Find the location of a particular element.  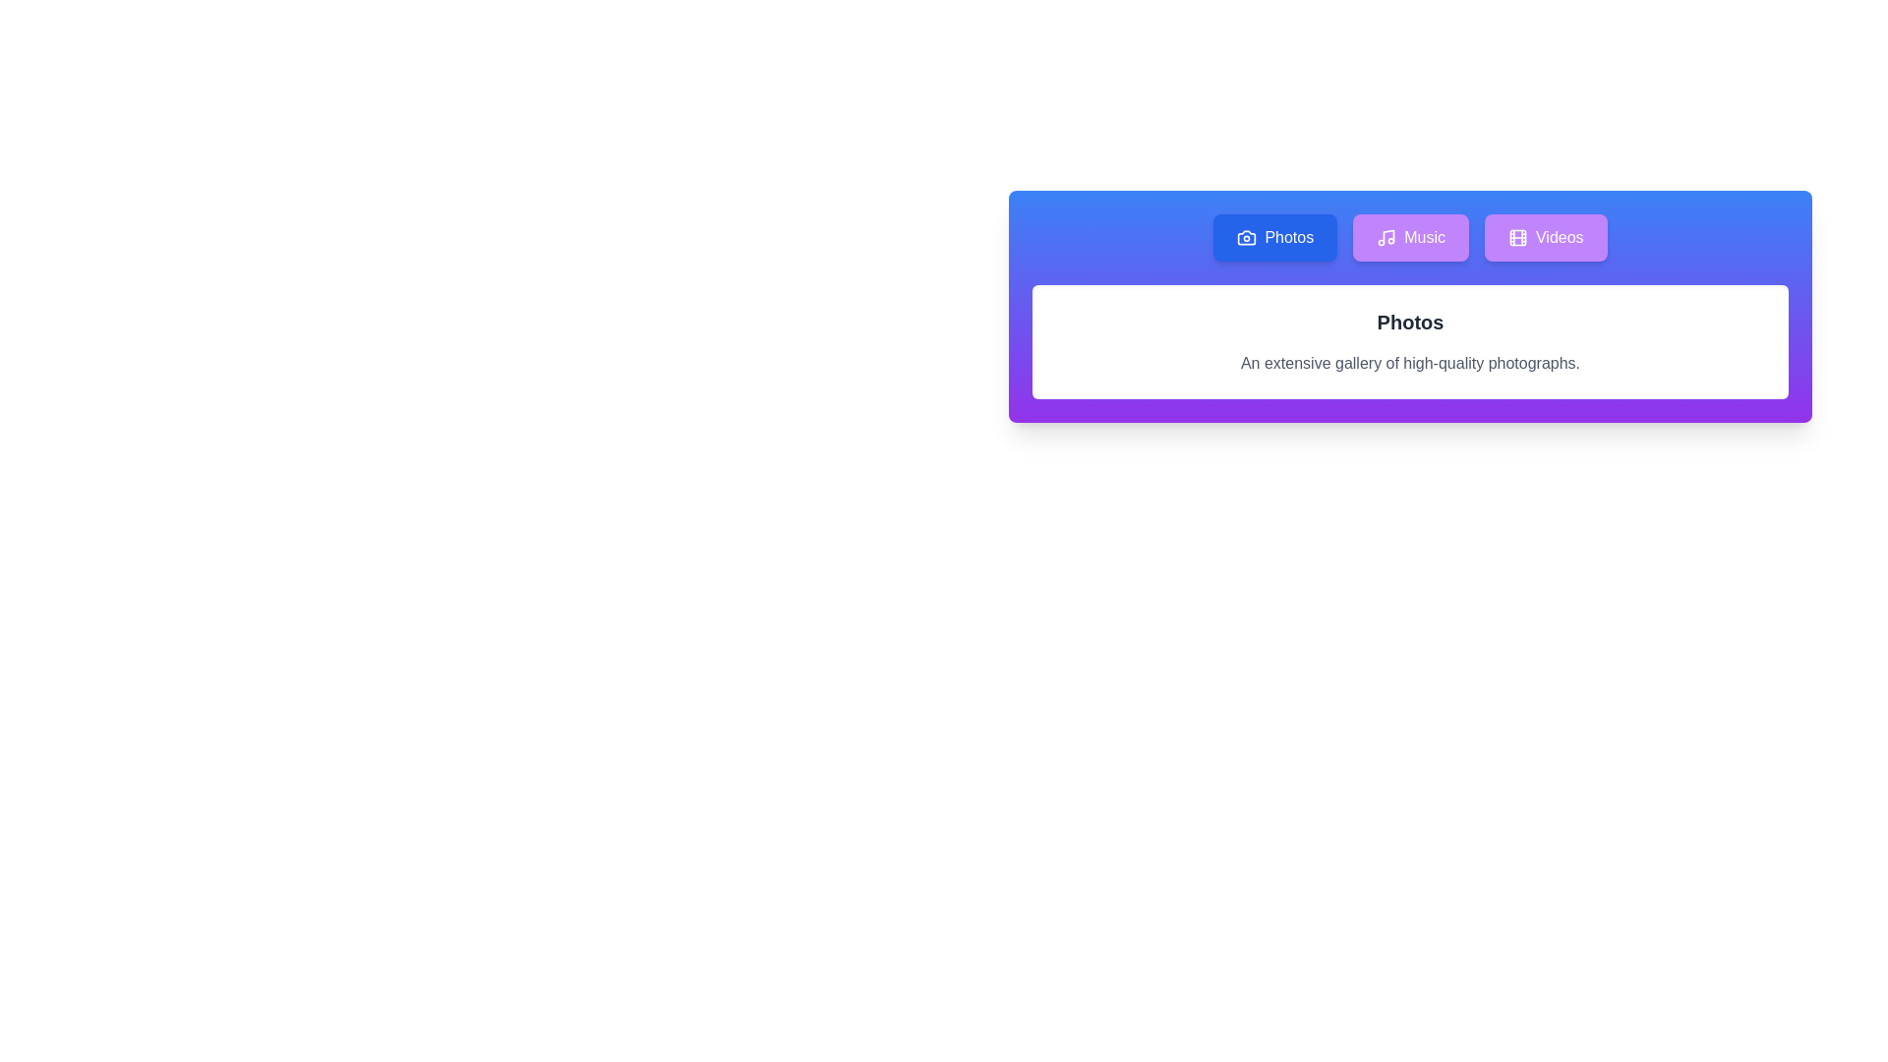

the Photos tab by clicking on its button is located at coordinates (1274, 237).